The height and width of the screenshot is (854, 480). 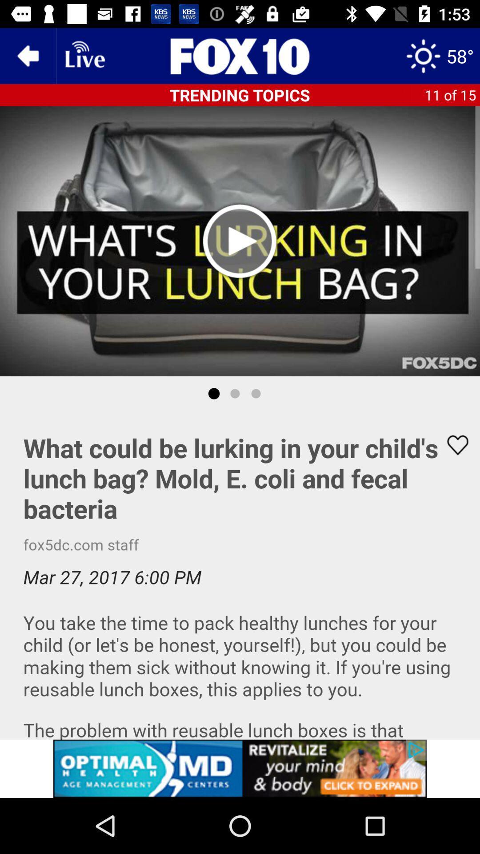 I want to click on article, so click(x=240, y=575).